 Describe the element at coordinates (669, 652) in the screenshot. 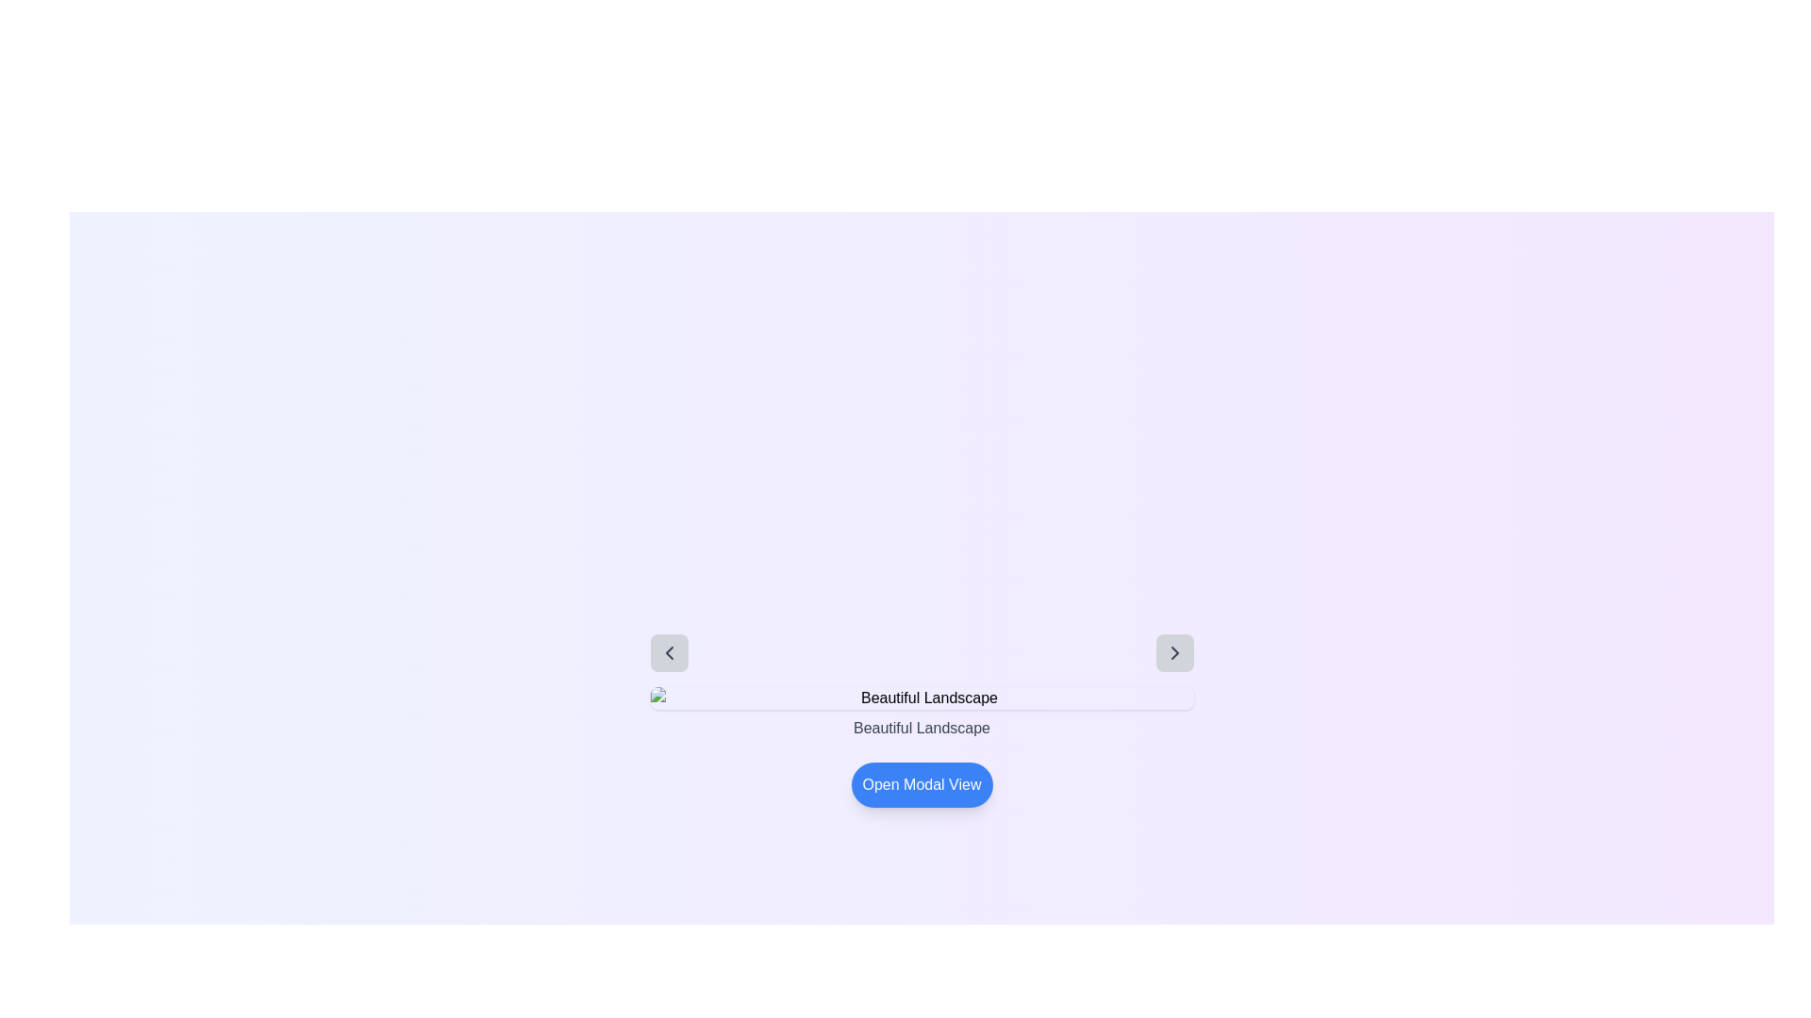

I see `the left-facing chevron button located in the top-left corner of the central interactive area` at that location.